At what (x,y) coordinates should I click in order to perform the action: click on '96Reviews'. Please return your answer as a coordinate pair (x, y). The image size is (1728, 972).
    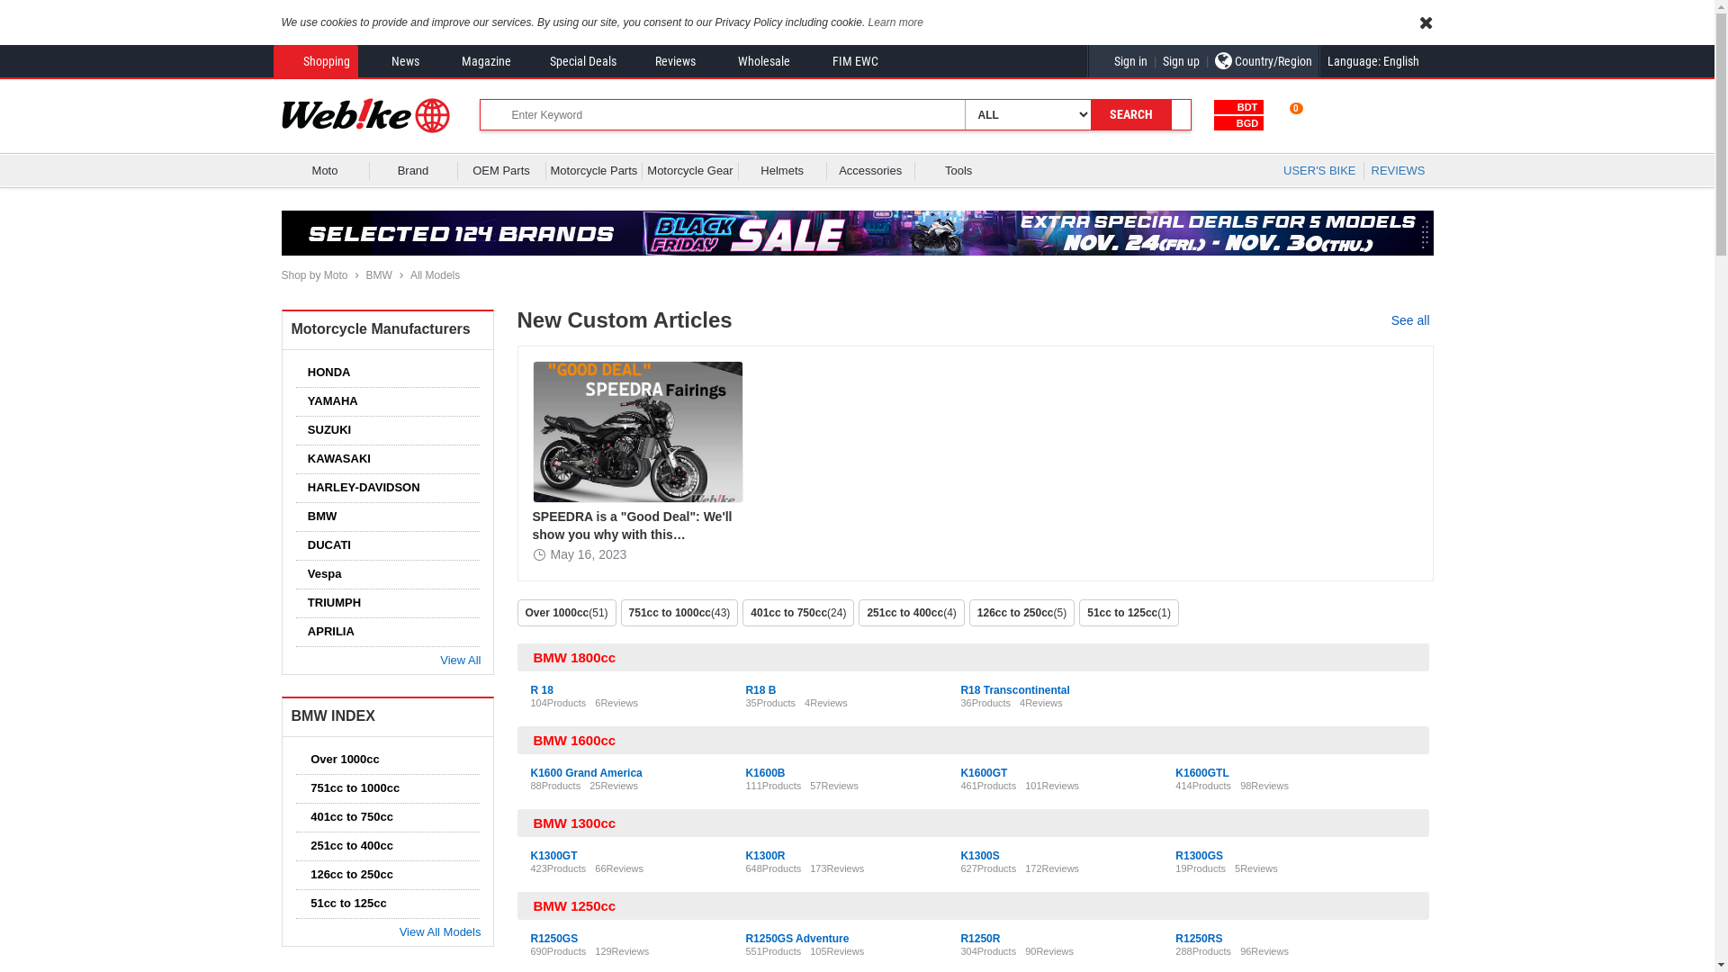
    Looking at the image, I should click on (1264, 949).